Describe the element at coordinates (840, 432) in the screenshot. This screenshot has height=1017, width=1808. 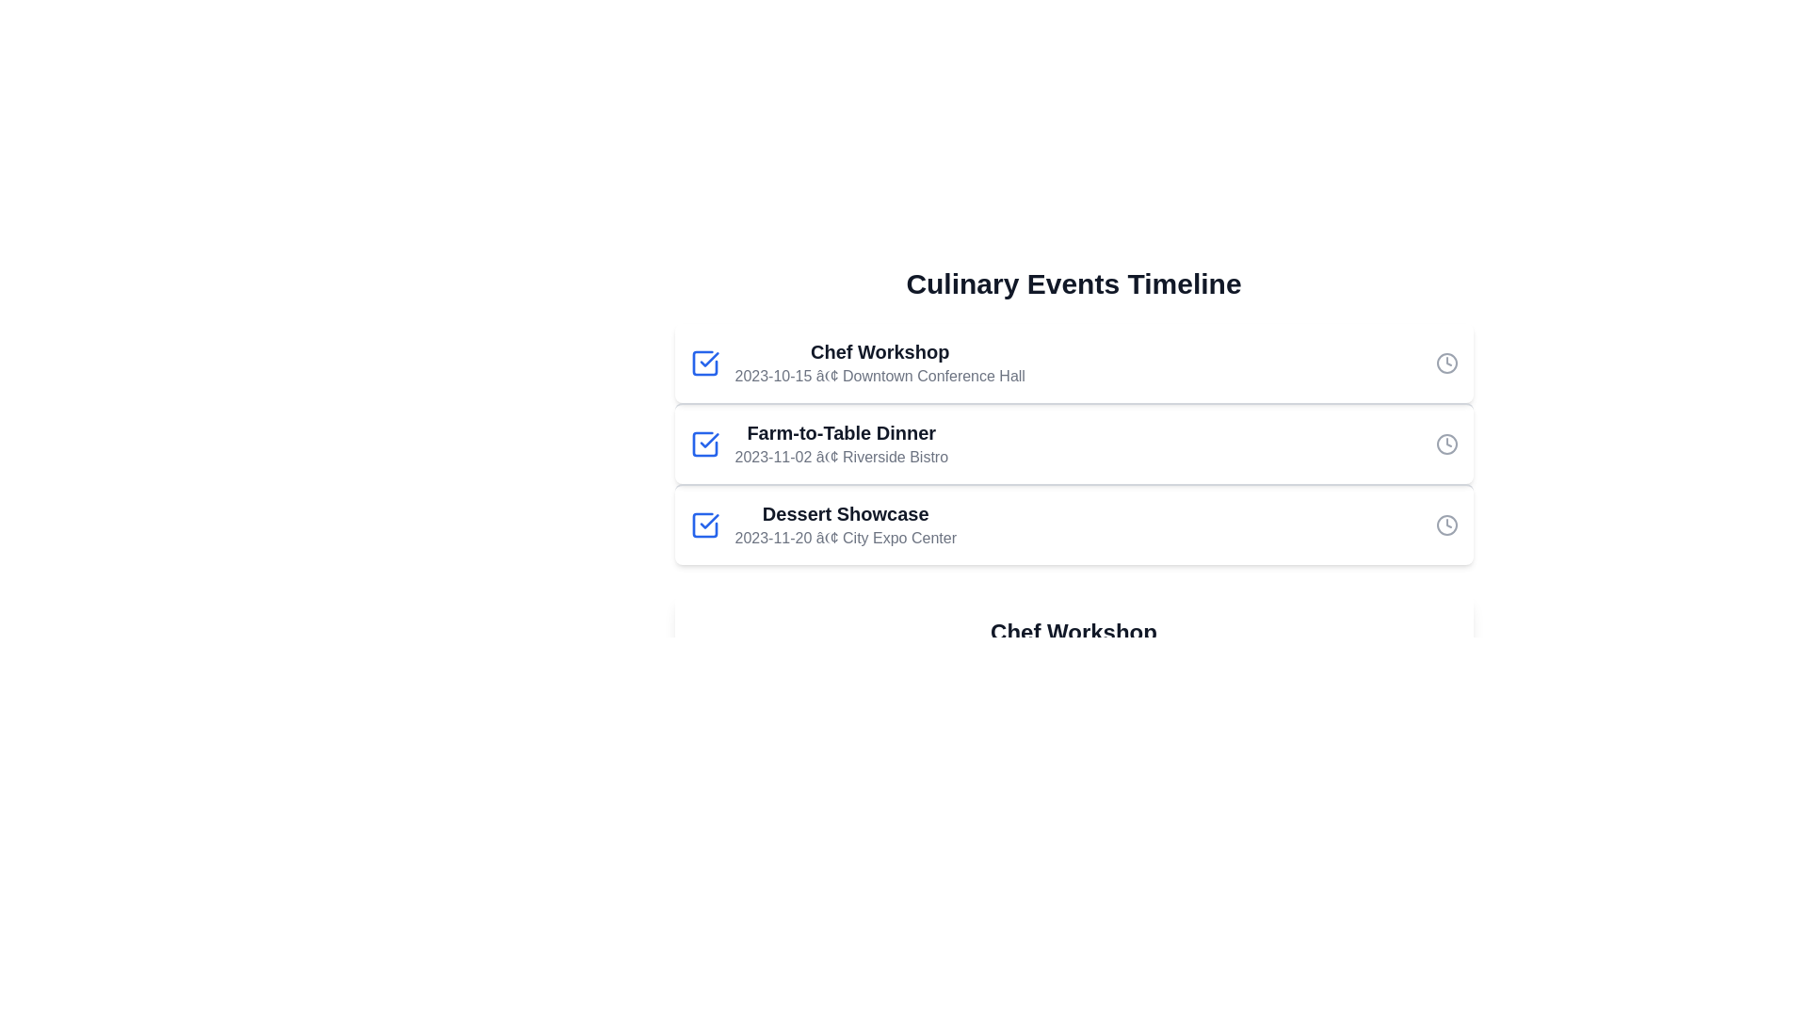
I see `the static text label indicating the title of an event, centrally located in the second row of a vertically stacked list, between 'Chef Workshop' and 'Dessert Showcase'` at that location.